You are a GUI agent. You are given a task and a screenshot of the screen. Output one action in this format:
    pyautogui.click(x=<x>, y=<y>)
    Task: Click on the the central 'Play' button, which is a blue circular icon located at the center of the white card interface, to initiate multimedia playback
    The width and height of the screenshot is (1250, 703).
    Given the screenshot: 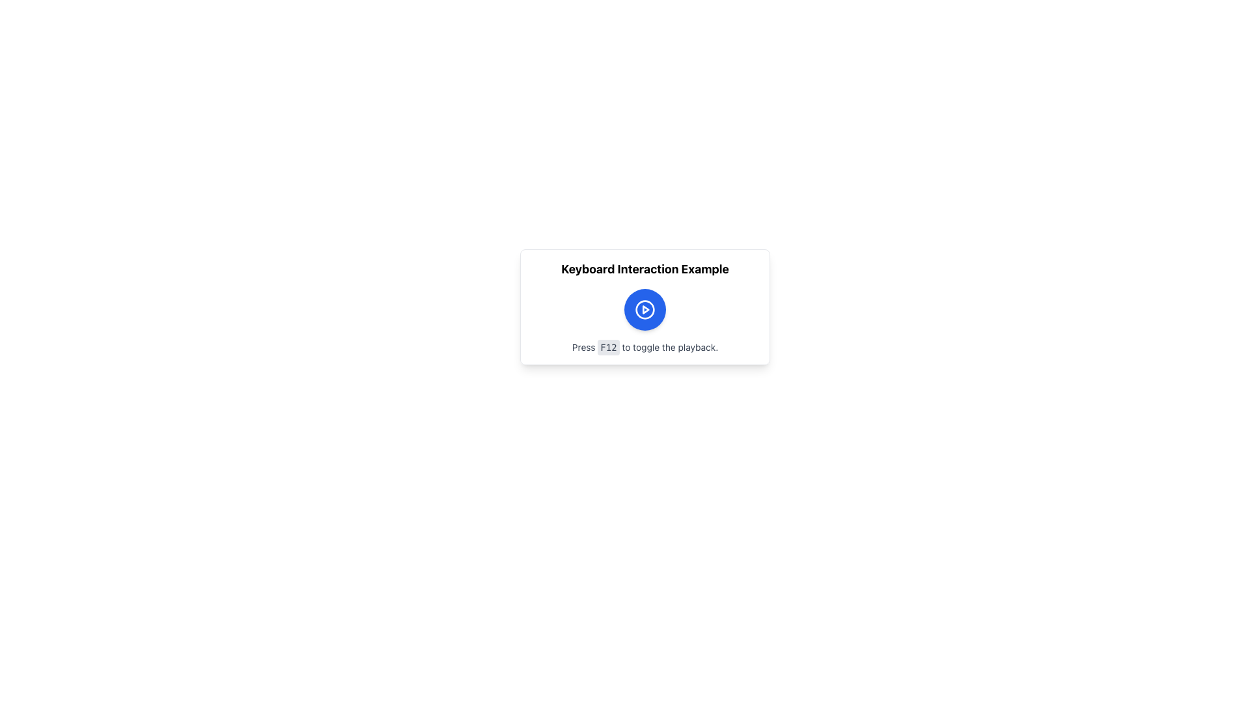 What is the action you would take?
    pyautogui.click(x=645, y=309)
    